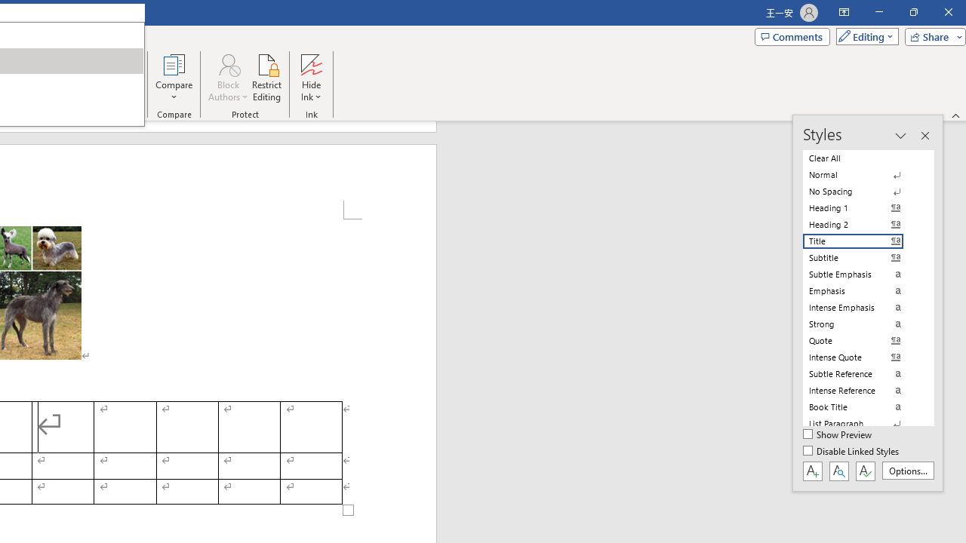 This screenshot has width=966, height=543. Describe the element at coordinates (912, 12) in the screenshot. I see `'Restore Down'` at that location.